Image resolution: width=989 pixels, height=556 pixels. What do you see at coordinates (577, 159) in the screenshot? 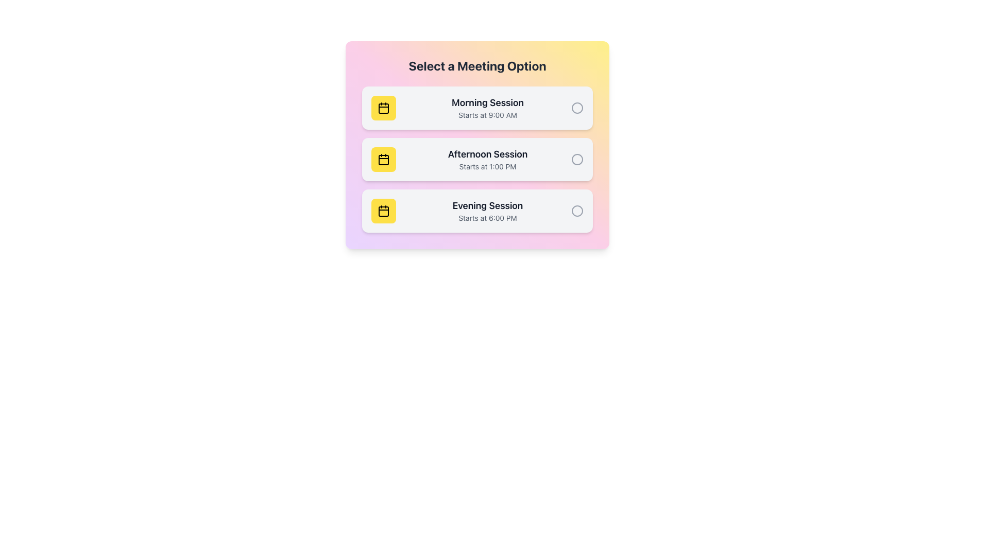
I see `the 'Afternoon Session' radio button` at bounding box center [577, 159].